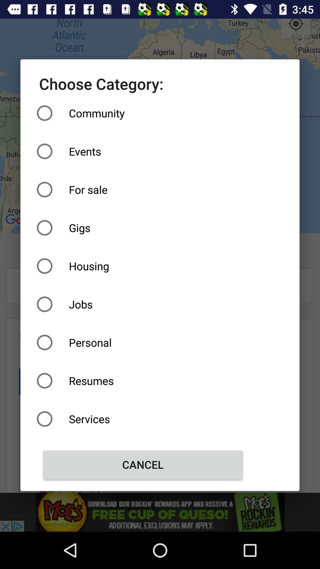 The width and height of the screenshot is (320, 569). Describe the element at coordinates (143, 151) in the screenshot. I see `icon above the for sale item` at that location.